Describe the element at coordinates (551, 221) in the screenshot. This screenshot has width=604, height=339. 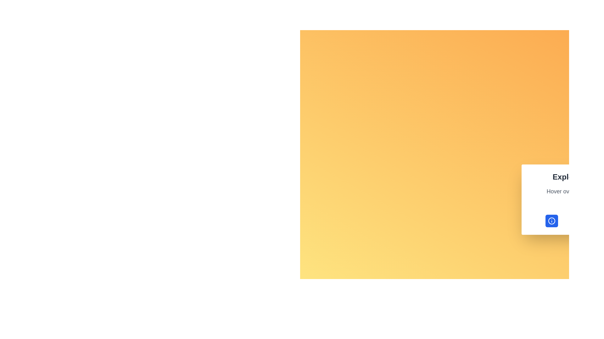
I see `the circular icon embedded in a blue rounded square background, which is the leftmost icon in a row of similar icons located at the bottom-center of its white card` at that location.